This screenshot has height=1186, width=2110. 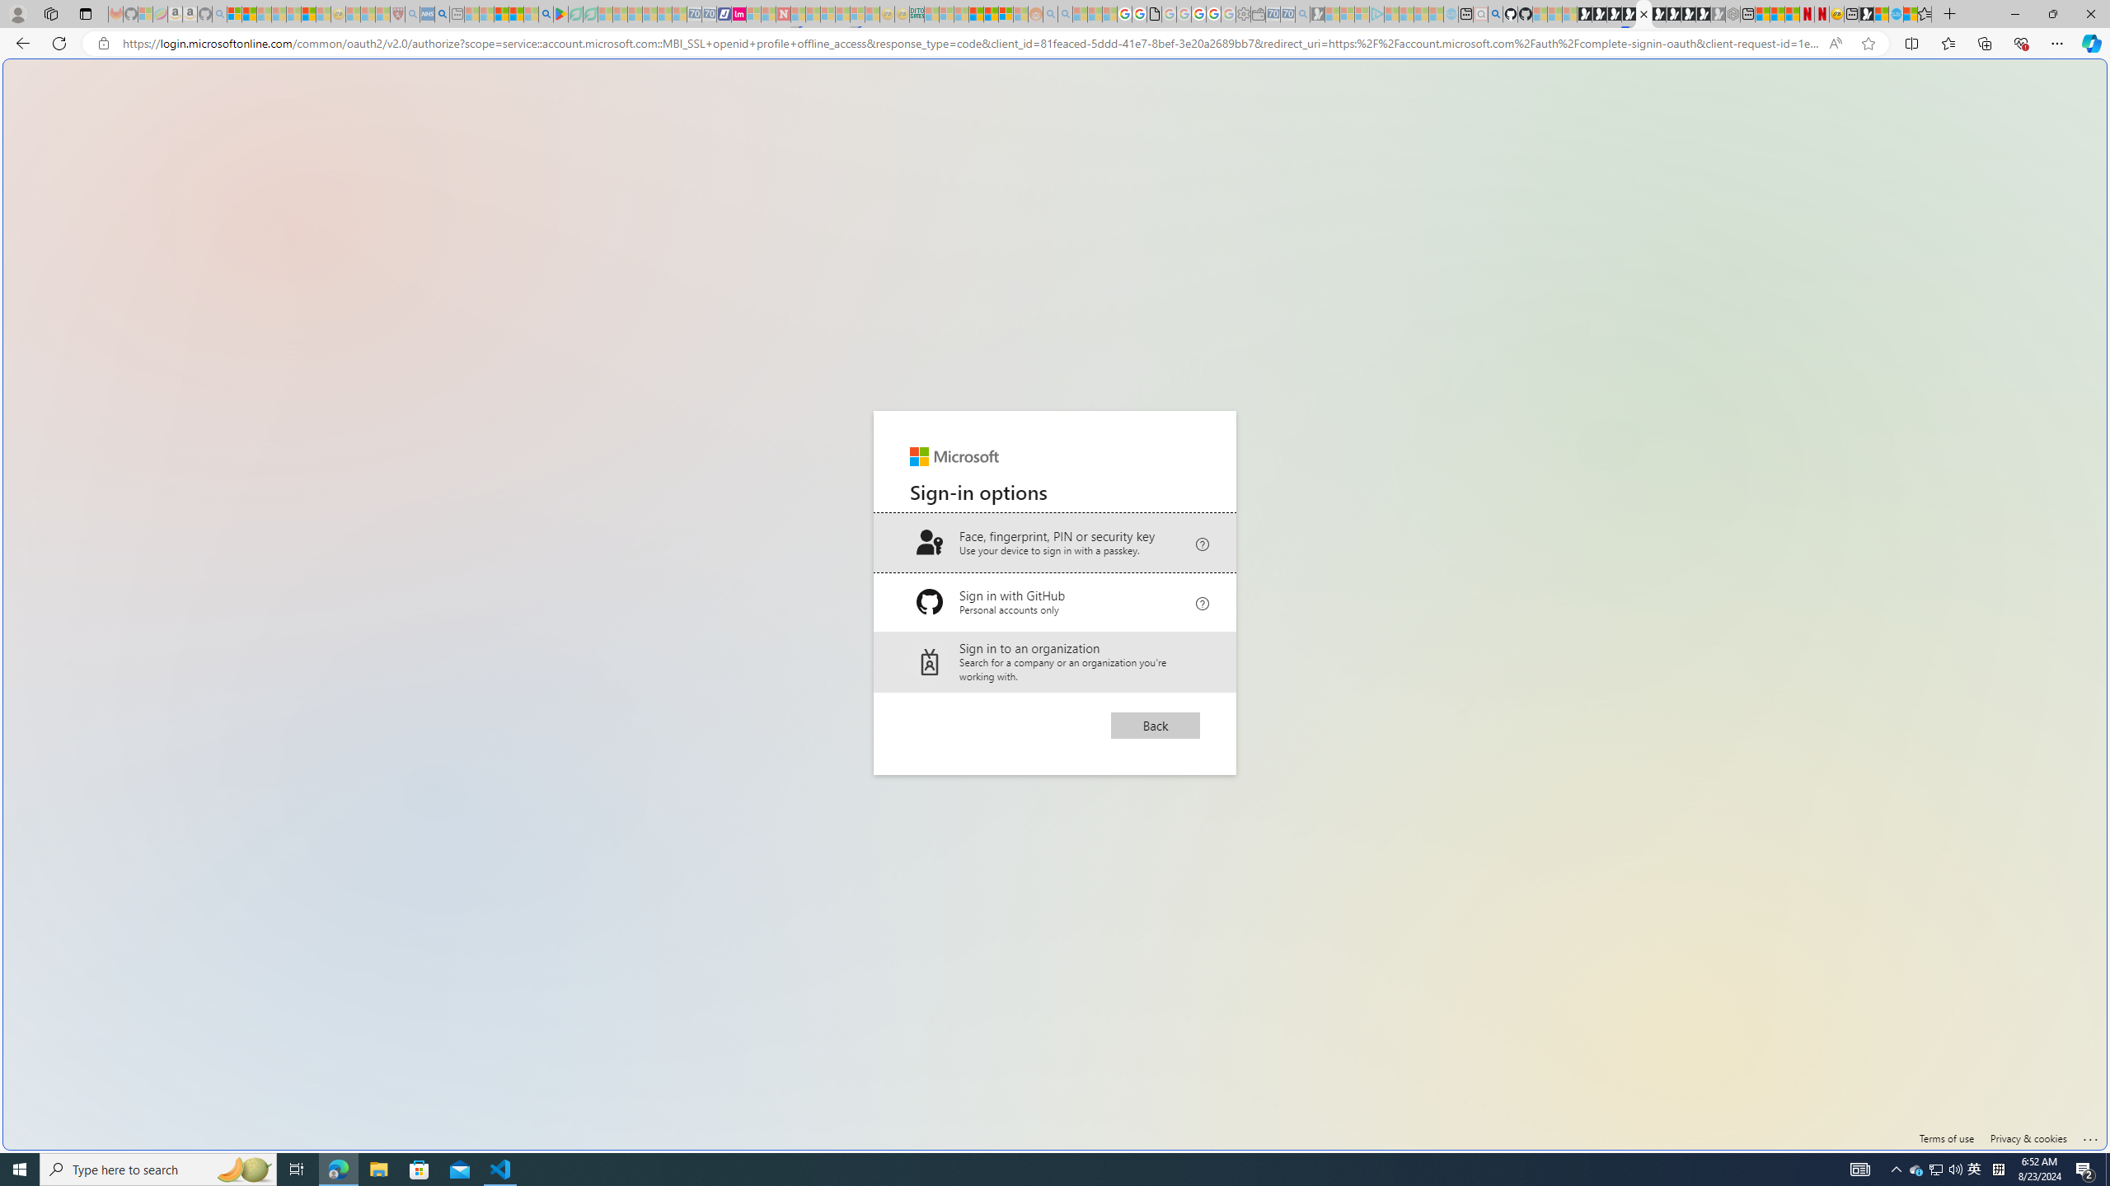 I want to click on 'Learn more about signing in with GitHub', so click(x=1203, y=600).